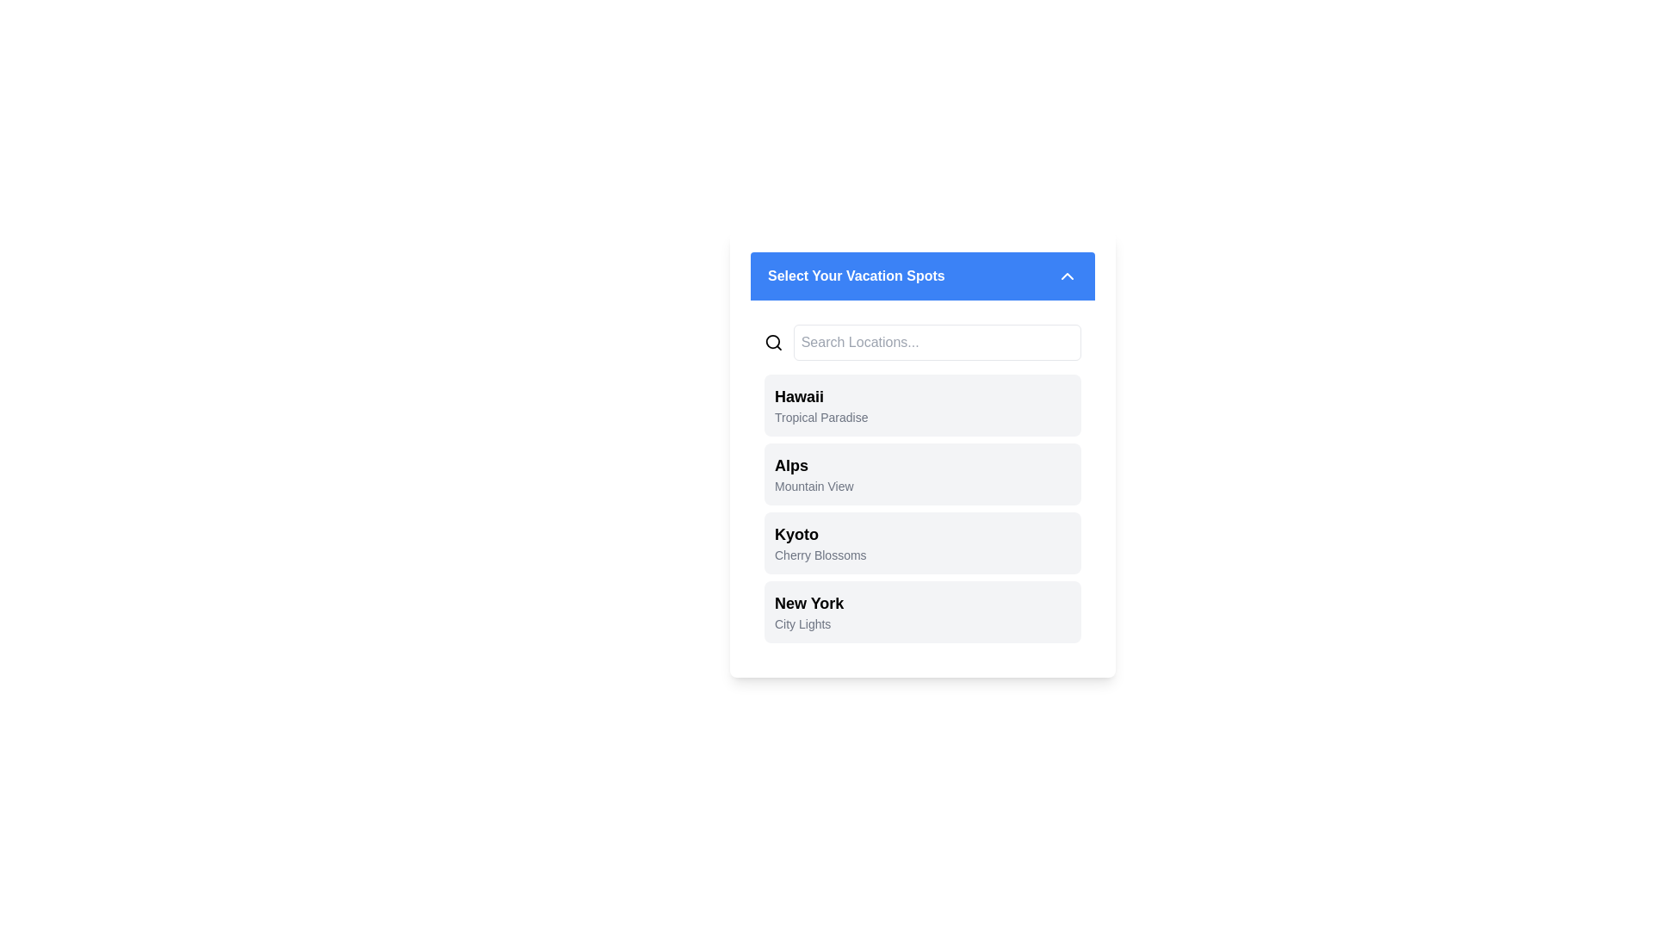  I want to click on text label displaying 'Cherry Blossoms' which is situated below the bold text 'Kyoto' in the third item of a vertical list, so click(820, 555).